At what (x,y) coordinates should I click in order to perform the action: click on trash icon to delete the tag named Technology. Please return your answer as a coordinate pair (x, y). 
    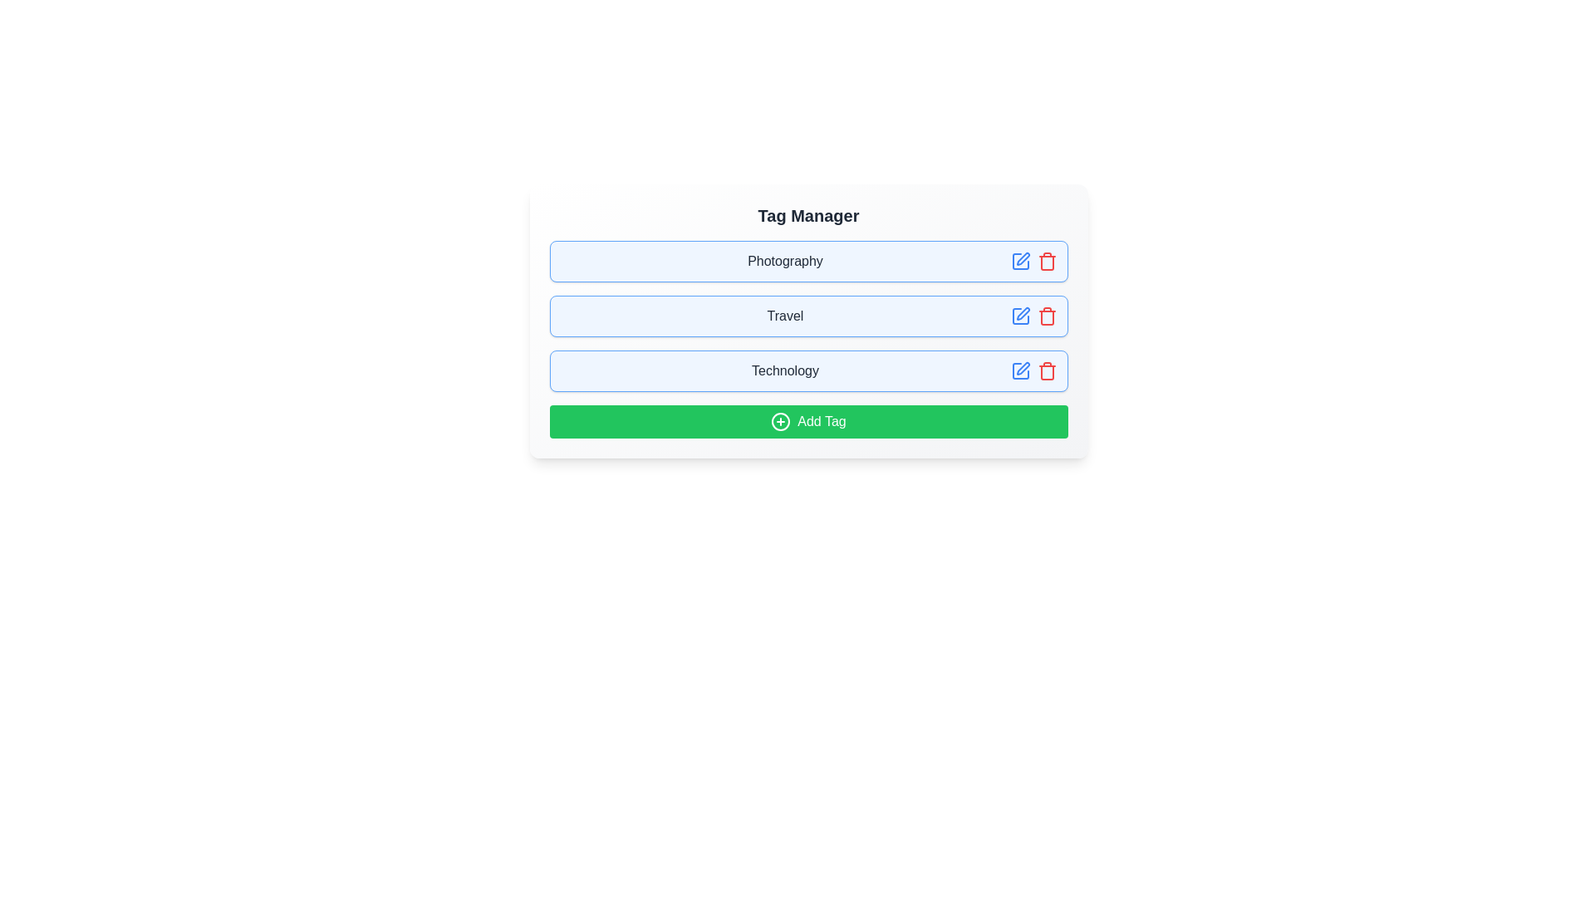
    Looking at the image, I should click on (1046, 370).